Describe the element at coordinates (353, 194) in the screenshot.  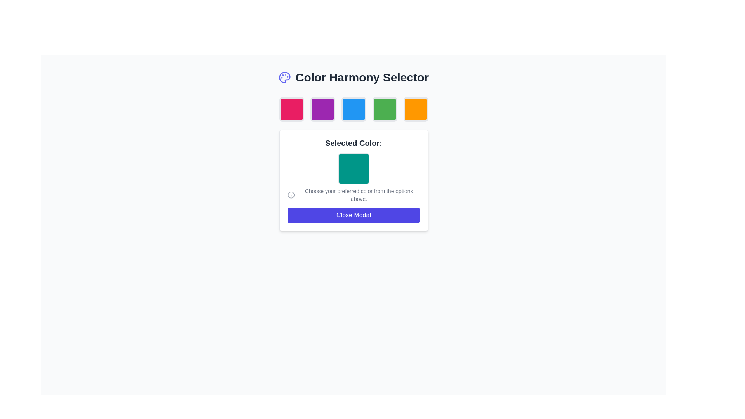
I see `the informational icon located centrally in the modal interface, positioned to the left of the descriptive text, to potentially reveal a tooltip with additional functionalities` at that location.